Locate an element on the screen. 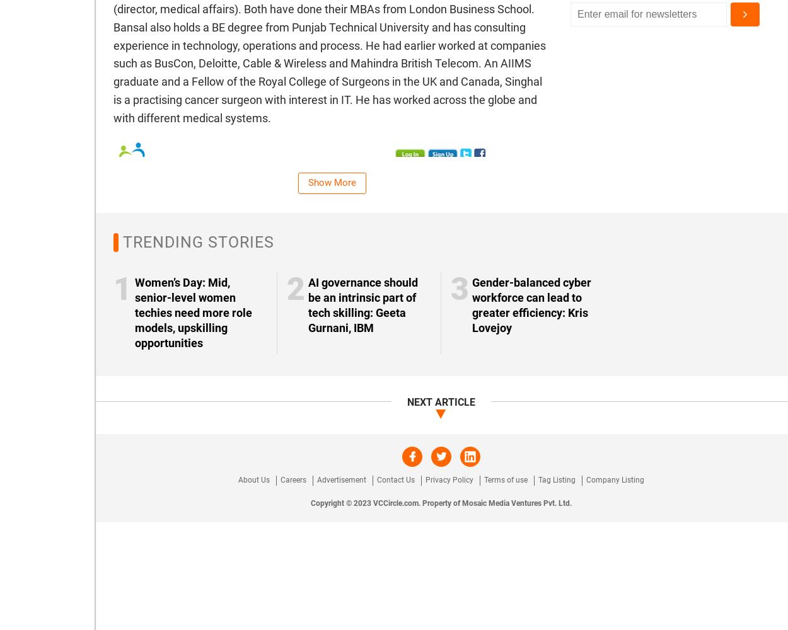 This screenshot has width=788, height=630. 'Next Article' is located at coordinates (441, 401).